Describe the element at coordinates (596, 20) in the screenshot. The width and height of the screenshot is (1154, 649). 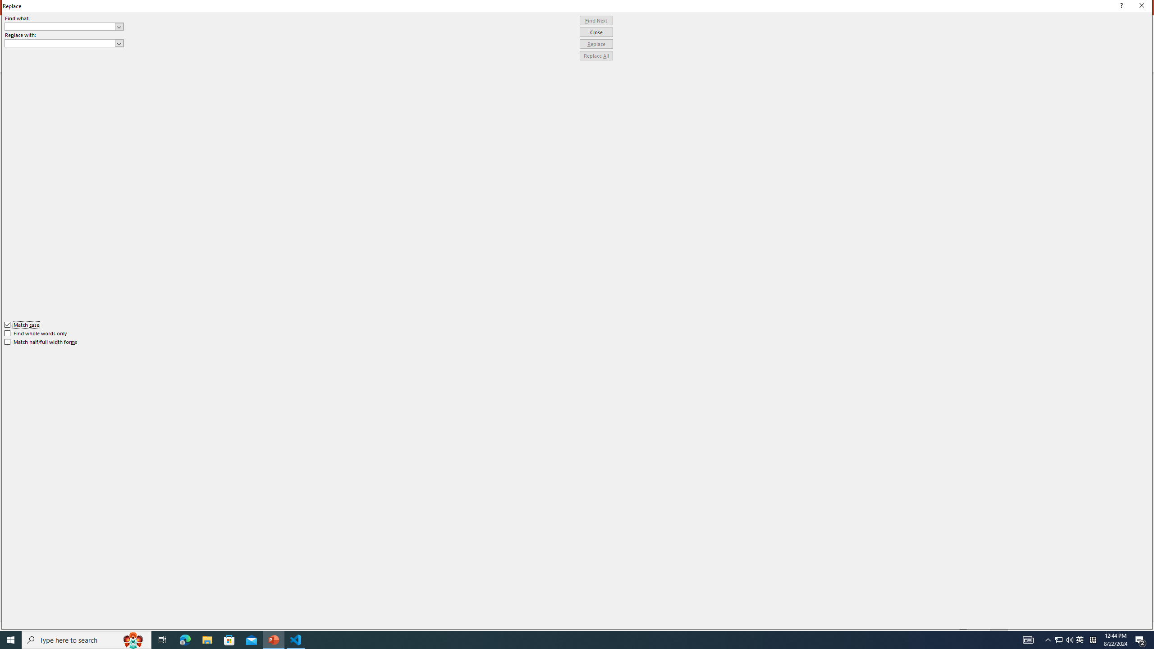
I see `'Find Next'` at that location.